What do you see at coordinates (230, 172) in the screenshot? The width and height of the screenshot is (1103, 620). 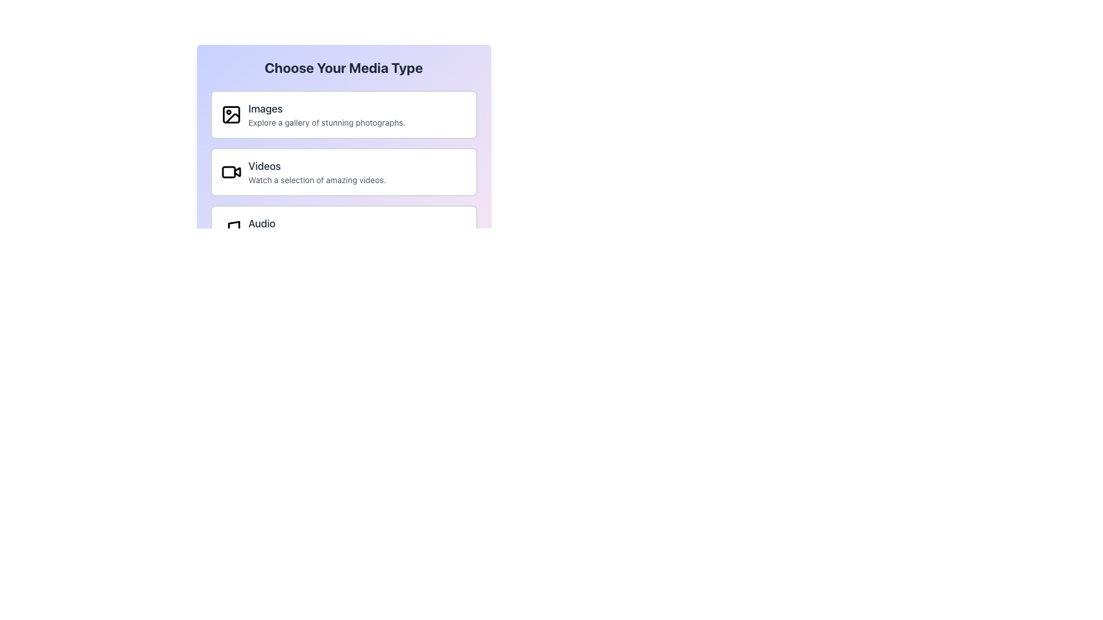 I see `the 'Videos' icon located on the left side of the card labeled 'Videos', which is the second card in the vertical list under 'Choose Your Media Type'` at bounding box center [230, 172].